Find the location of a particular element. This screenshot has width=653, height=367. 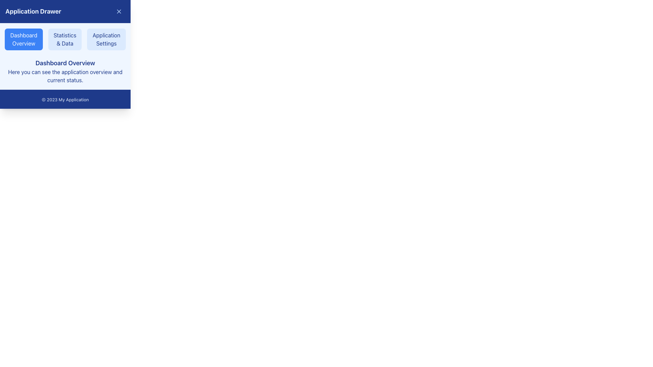

the header text label indicating the current section of the Application Drawer, which is positioned above the descriptive text beginning with 'Here you can see...' is located at coordinates (65, 63).